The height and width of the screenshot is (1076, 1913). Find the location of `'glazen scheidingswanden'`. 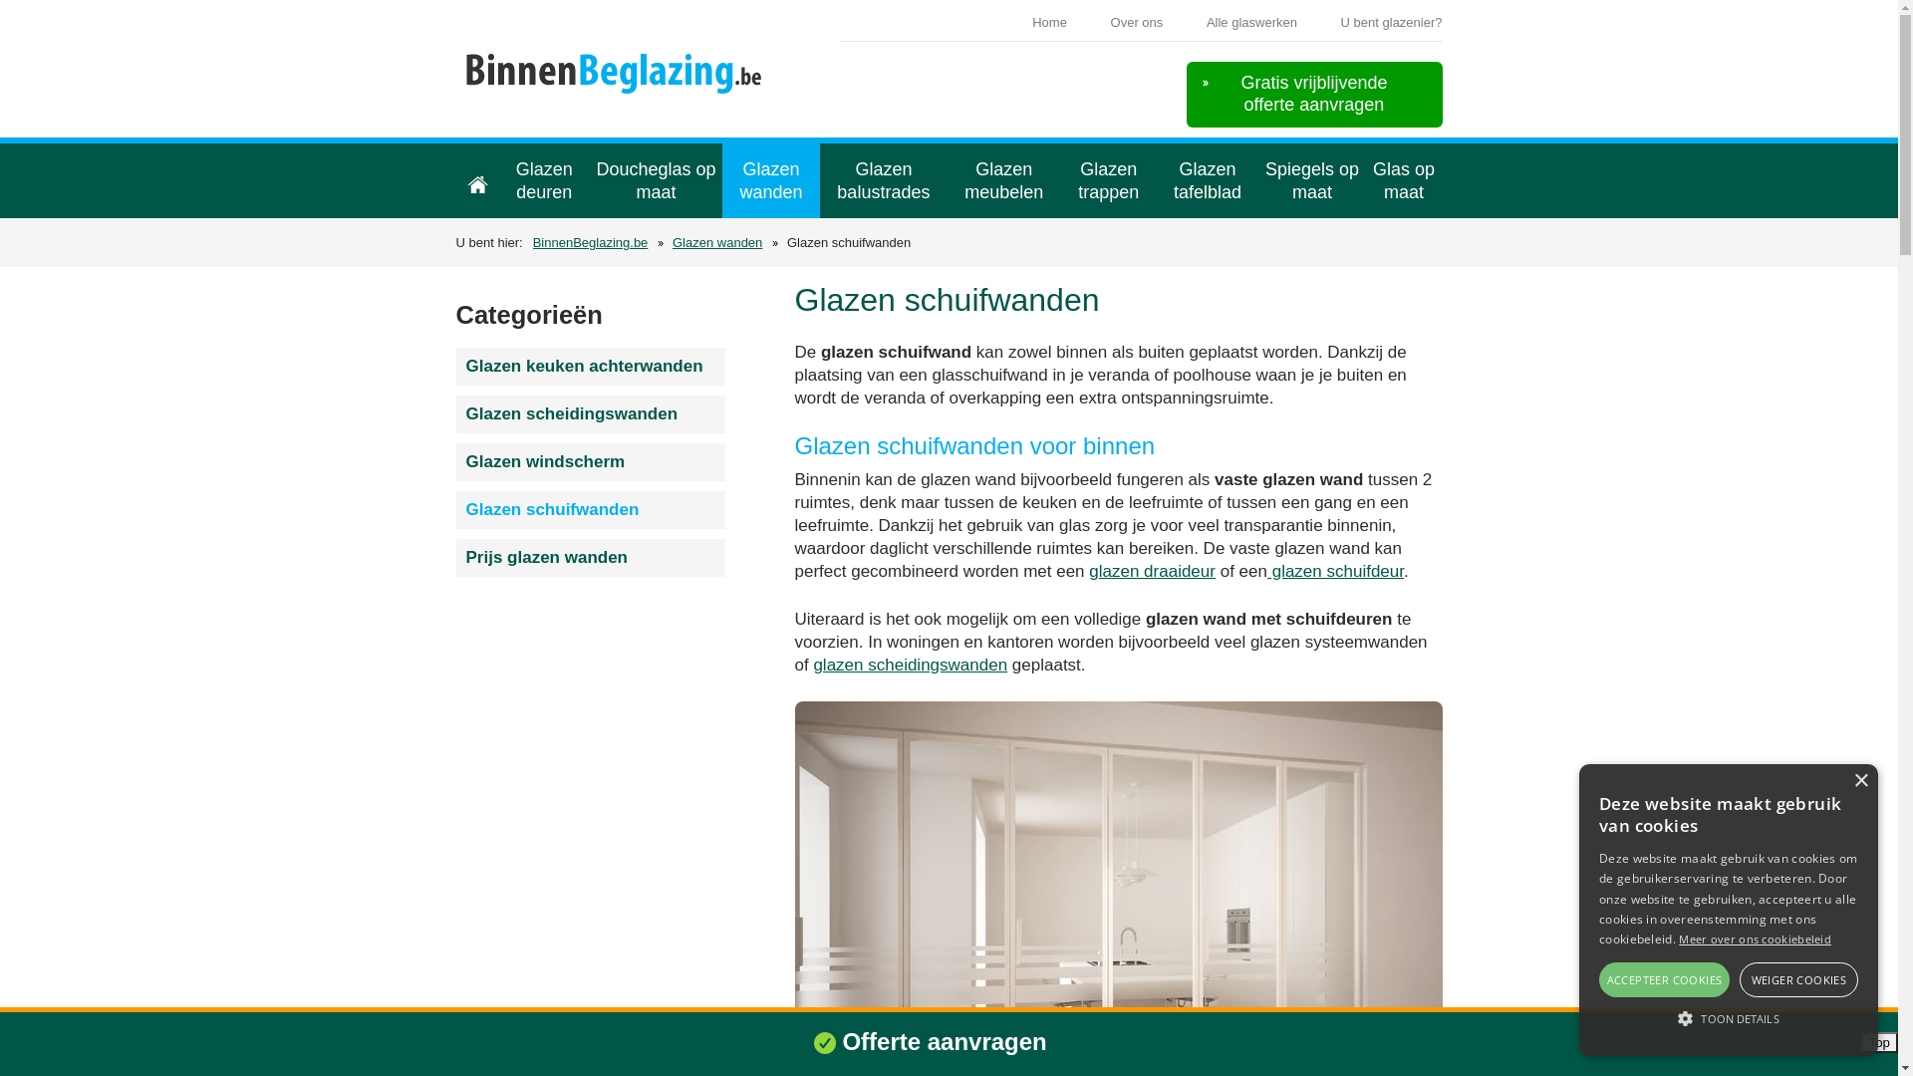

'glazen scheidingswanden' is located at coordinates (909, 665).